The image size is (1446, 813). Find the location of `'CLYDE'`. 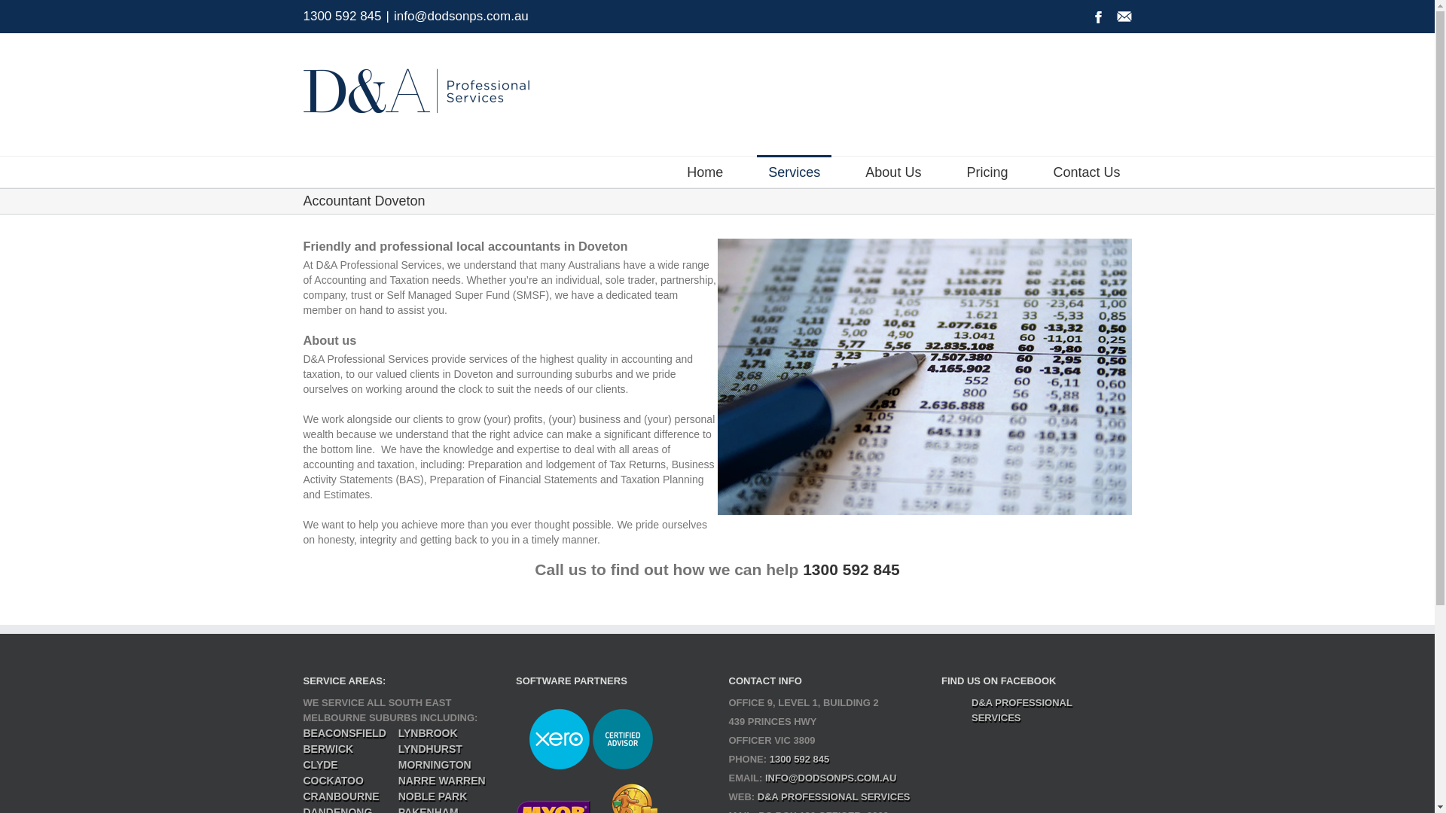

'CLYDE' is located at coordinates (319, 764).